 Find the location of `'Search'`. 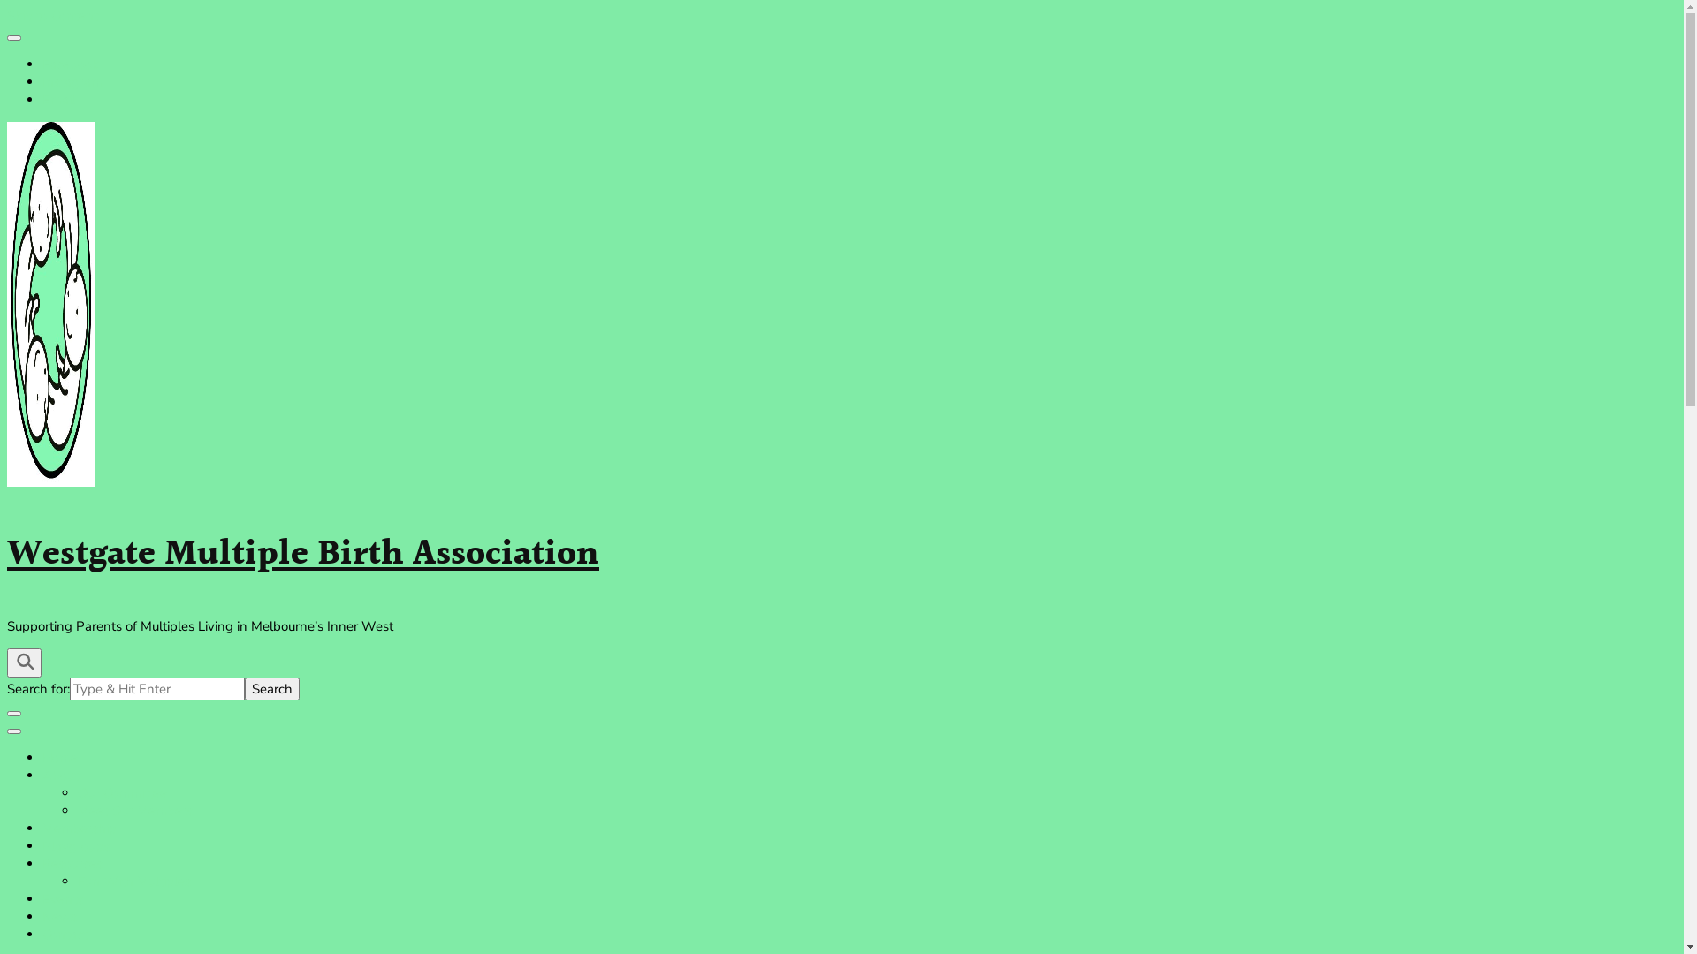

'Search' is located at coordinates (270, 687).